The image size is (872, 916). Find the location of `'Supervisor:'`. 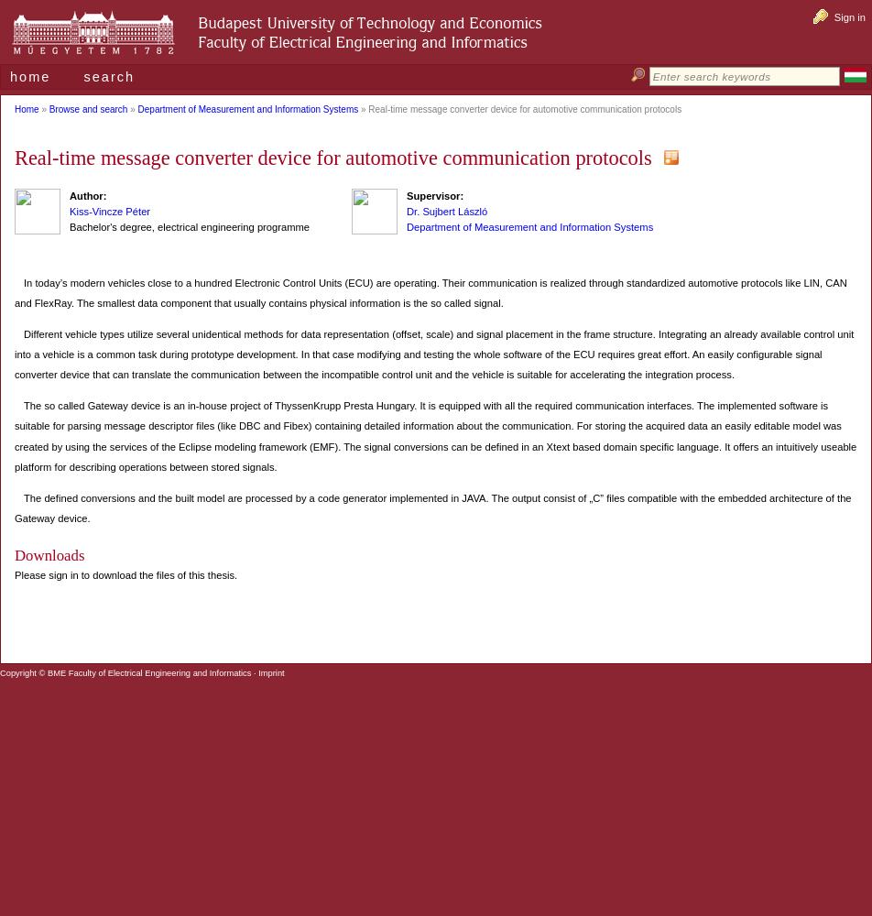

'Supervisor:' is located at coordinates (434, 195).